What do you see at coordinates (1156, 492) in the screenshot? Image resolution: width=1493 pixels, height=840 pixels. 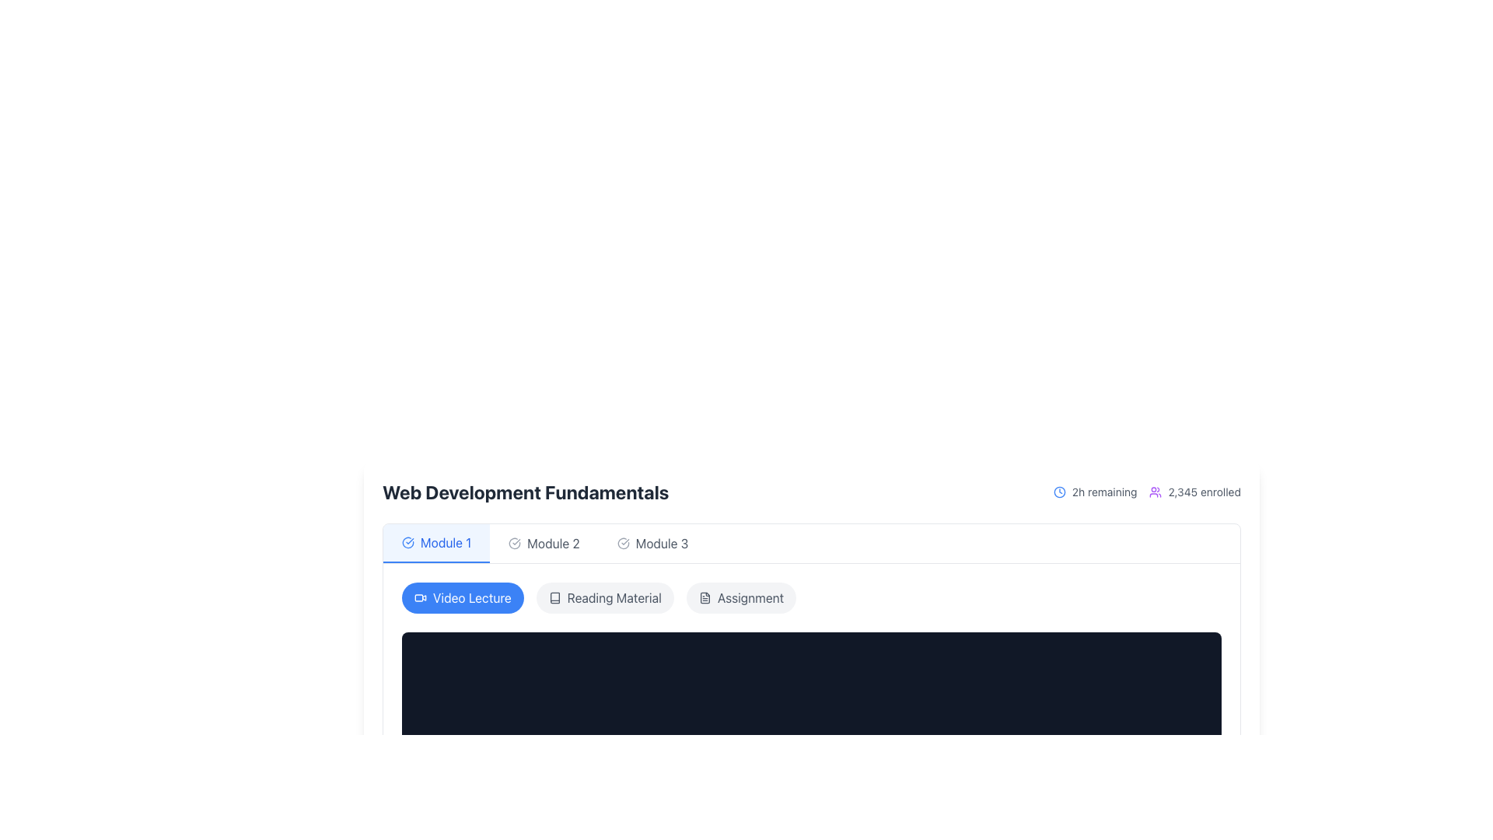 I see `the purple outline icon of multiple people located before the text '2,345 enrolled'` at bounding box center [1156, 492].